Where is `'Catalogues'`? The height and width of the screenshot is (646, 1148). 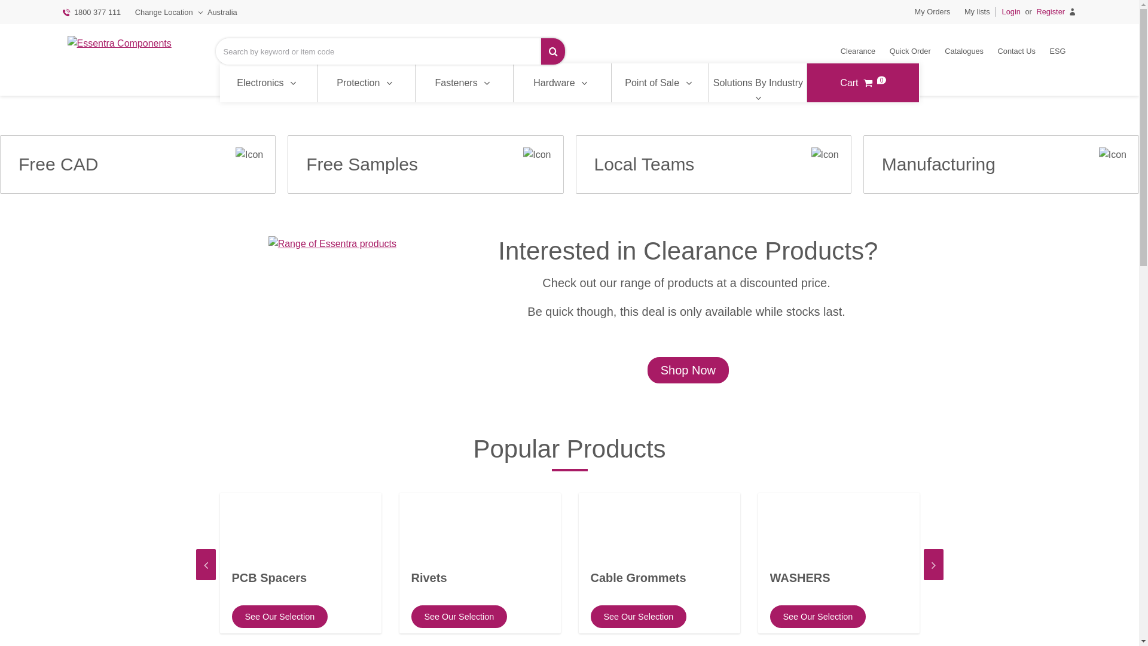
'Catalogues' is located at coordinates (964, 50).